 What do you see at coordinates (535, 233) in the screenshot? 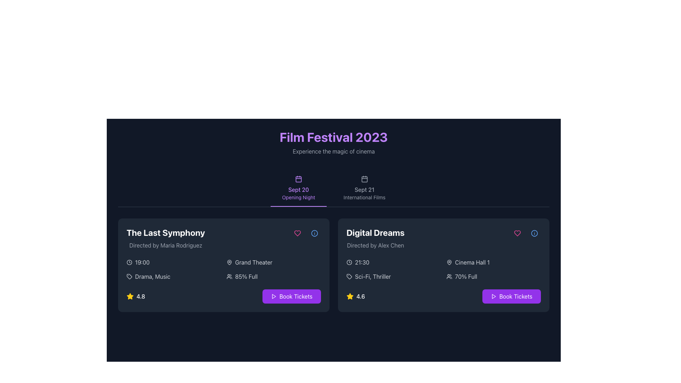
I see `the circular 'info' icon button with a blue border` at bounding box center [535, 233].